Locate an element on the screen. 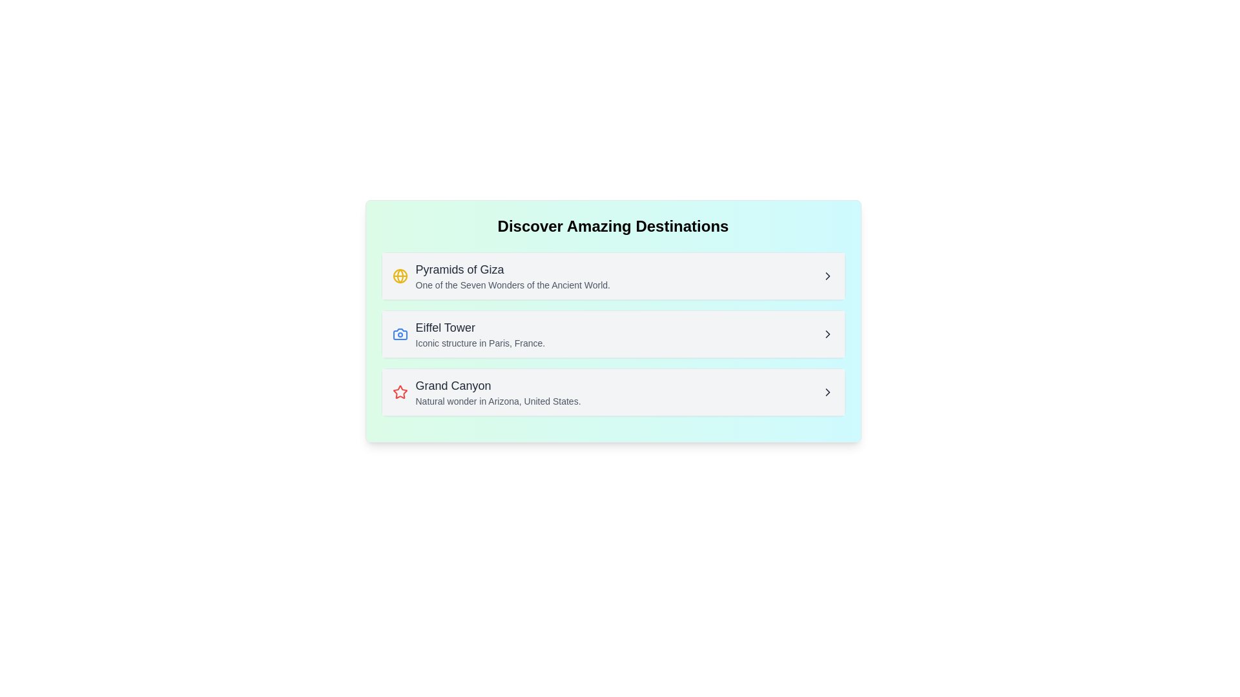  the Text label that displays 'Pyramids of Giza' and 'One of the Seven Wonders of the Ancient World', located in the section titled 'Discover Amazing Destinations' is located at coordinates (512, 276).